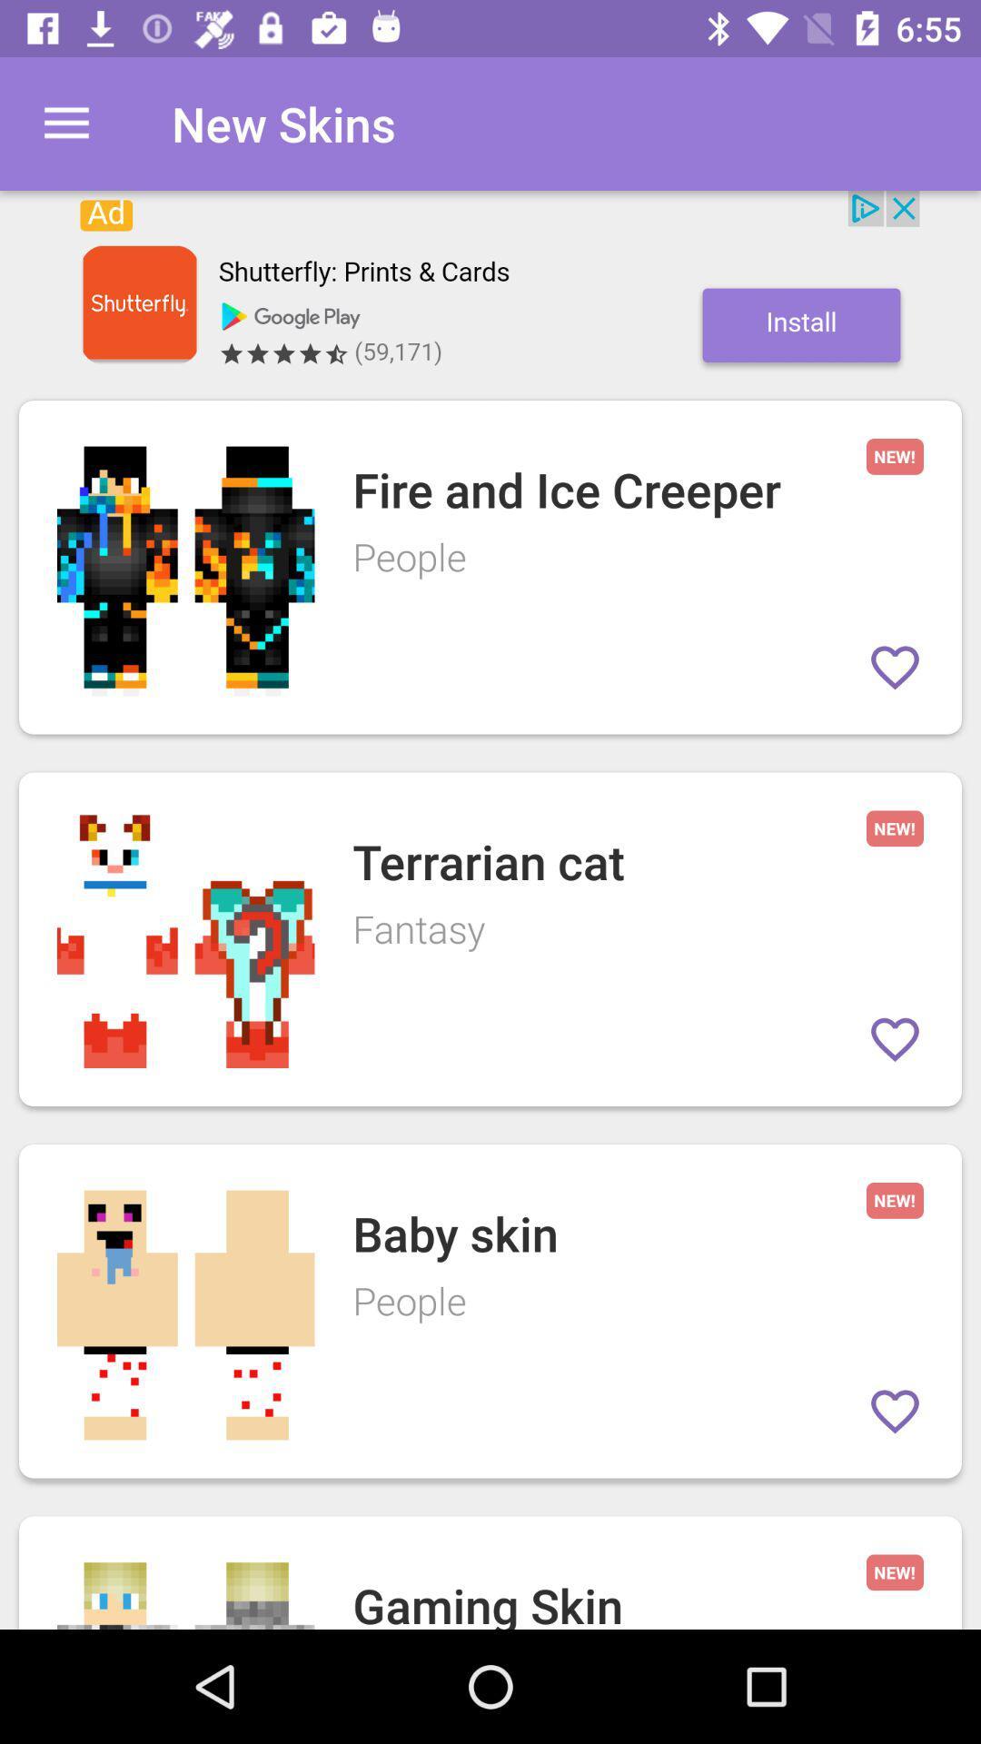 The height and width of the screenshot is (1744, 981). Describe the element at coordinates (490, 285) in the screenshot. I see `install an app` at that location.